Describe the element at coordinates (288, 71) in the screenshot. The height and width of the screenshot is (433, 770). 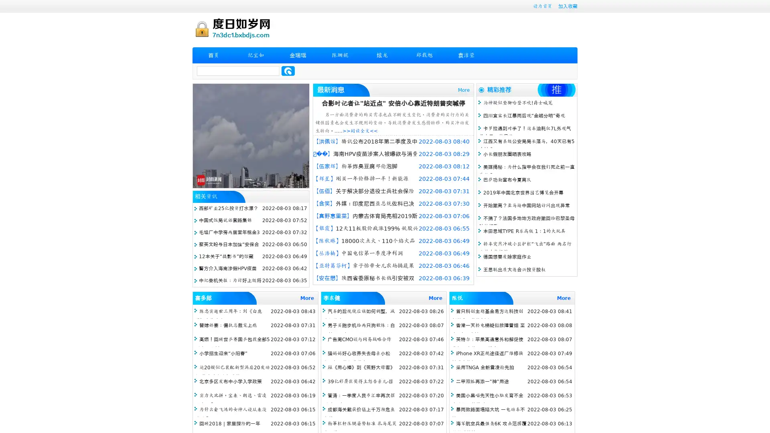
I see `Search` at that location.